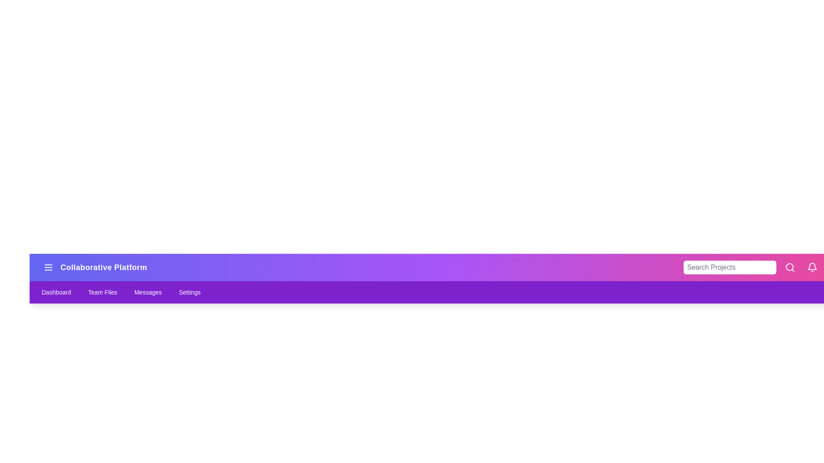 This screenshot has height=463, width=824. I want to click on the magnifying-glass icon button with a white outline within a pink circular button, so click(790, 267).